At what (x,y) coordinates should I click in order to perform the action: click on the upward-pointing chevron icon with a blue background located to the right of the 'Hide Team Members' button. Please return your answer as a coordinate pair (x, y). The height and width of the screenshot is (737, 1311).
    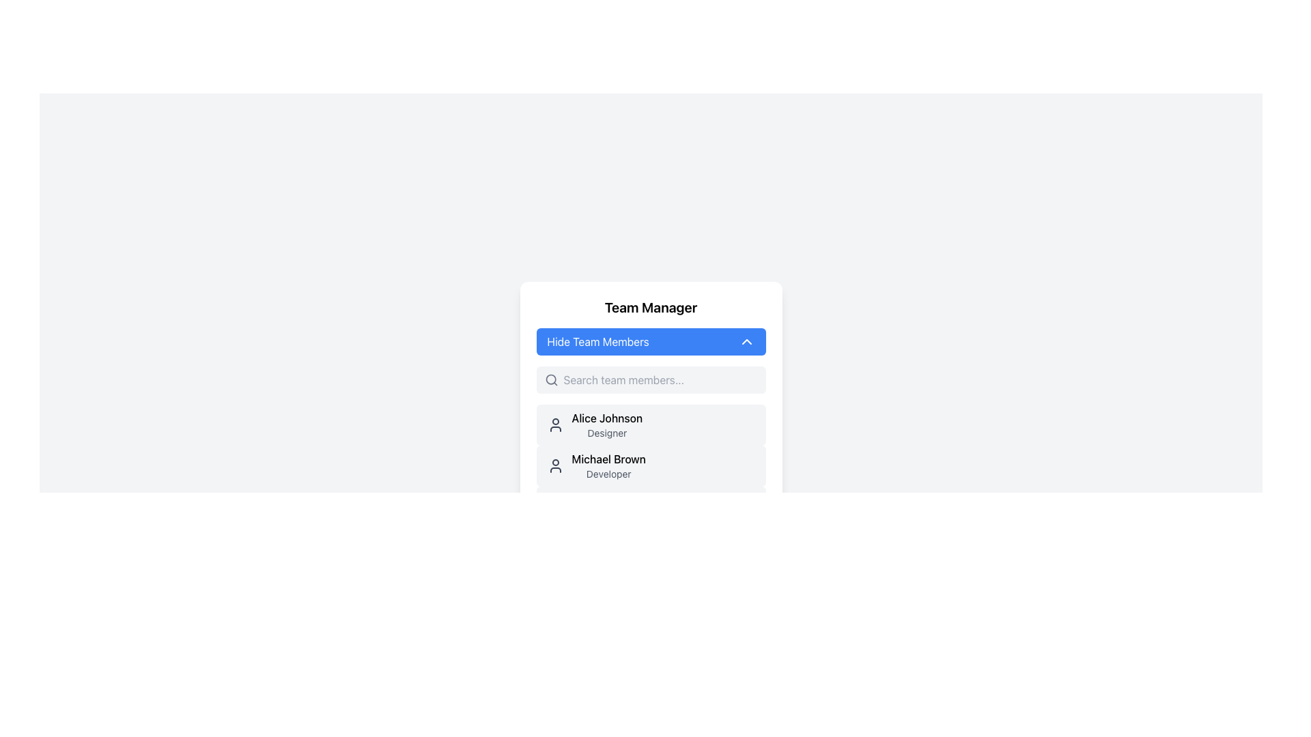
    Looking at the image, I should click on (746, 341).